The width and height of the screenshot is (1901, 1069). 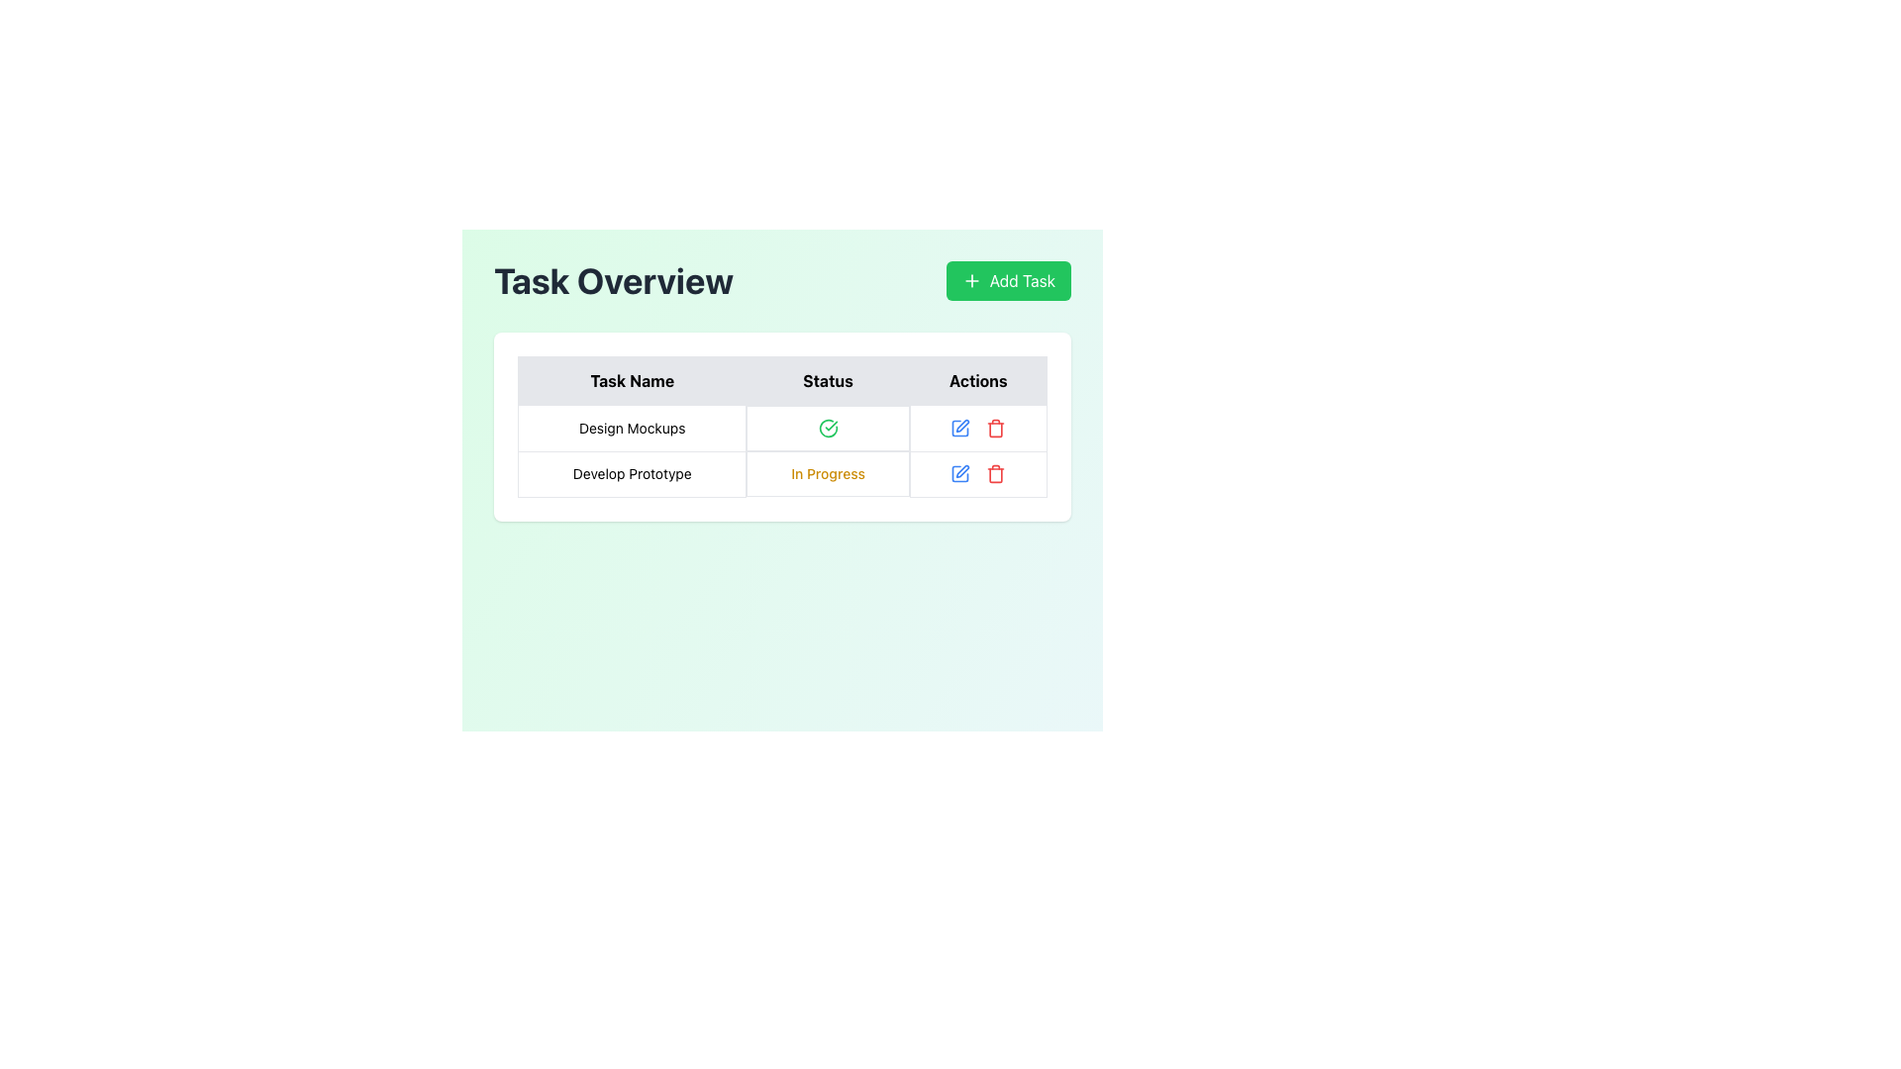 What do you see at coordinates (996, 427) in the screenshot?
I see `the delete icon button located in the rightmost part of the 'Actions' column in the second row of the task table labeled 'Develop Prototype'` at bounding box center [996, 427].